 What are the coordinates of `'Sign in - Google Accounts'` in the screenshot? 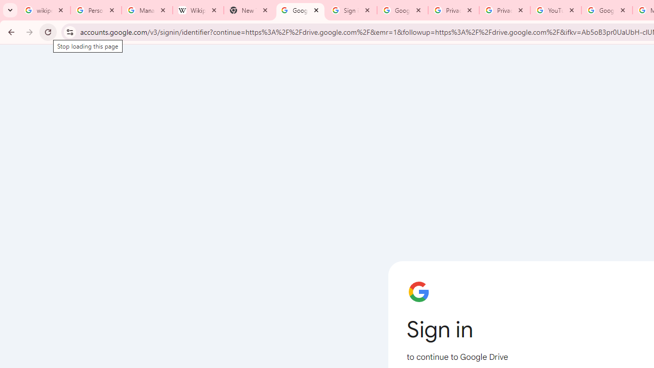 It's located at (352, 10).